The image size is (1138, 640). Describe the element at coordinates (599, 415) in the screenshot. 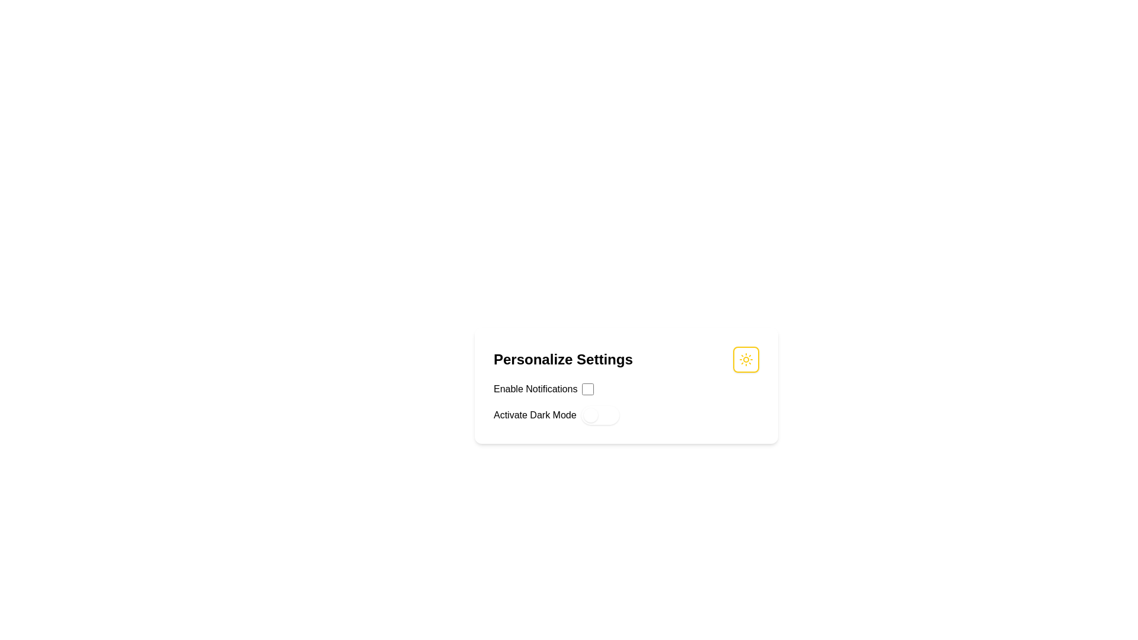

I see `the toggle` at that location.